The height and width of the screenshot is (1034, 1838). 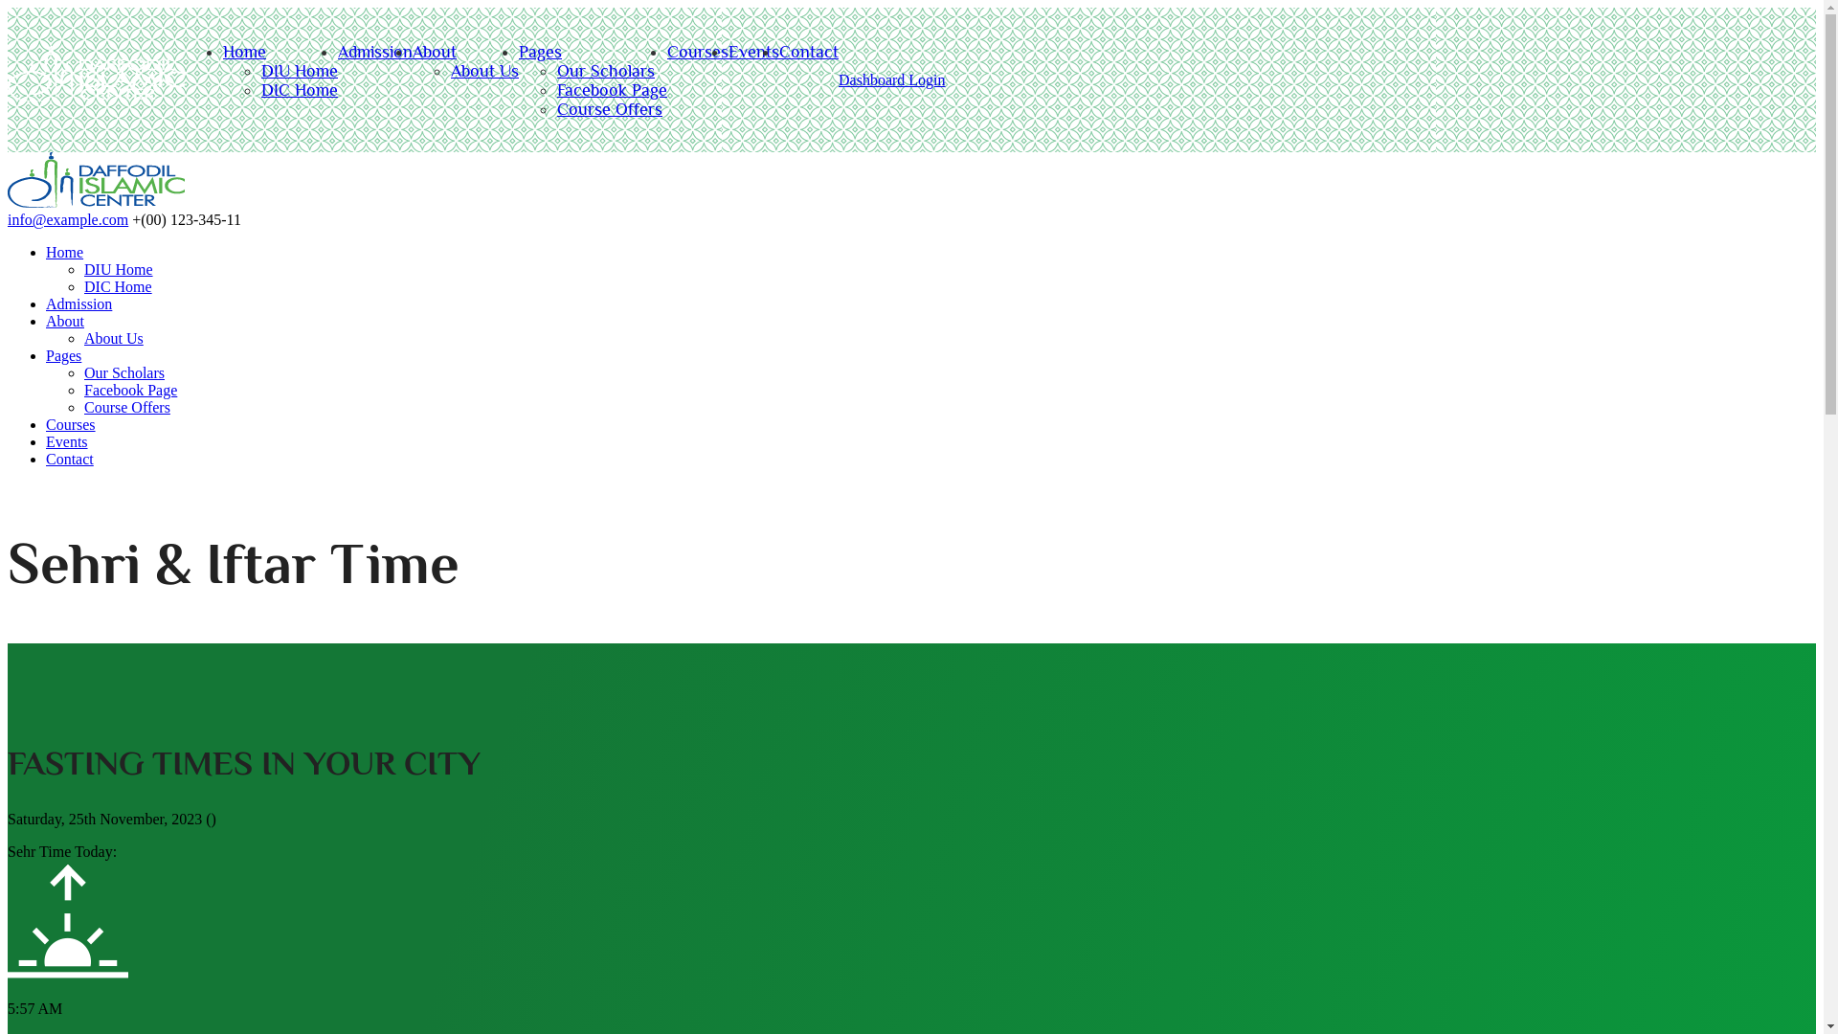 I want to click on 'DIC Home', so click(x=117, y=286).